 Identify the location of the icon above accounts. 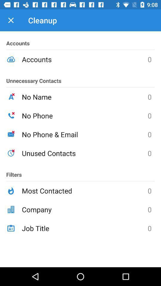
(11, 20).